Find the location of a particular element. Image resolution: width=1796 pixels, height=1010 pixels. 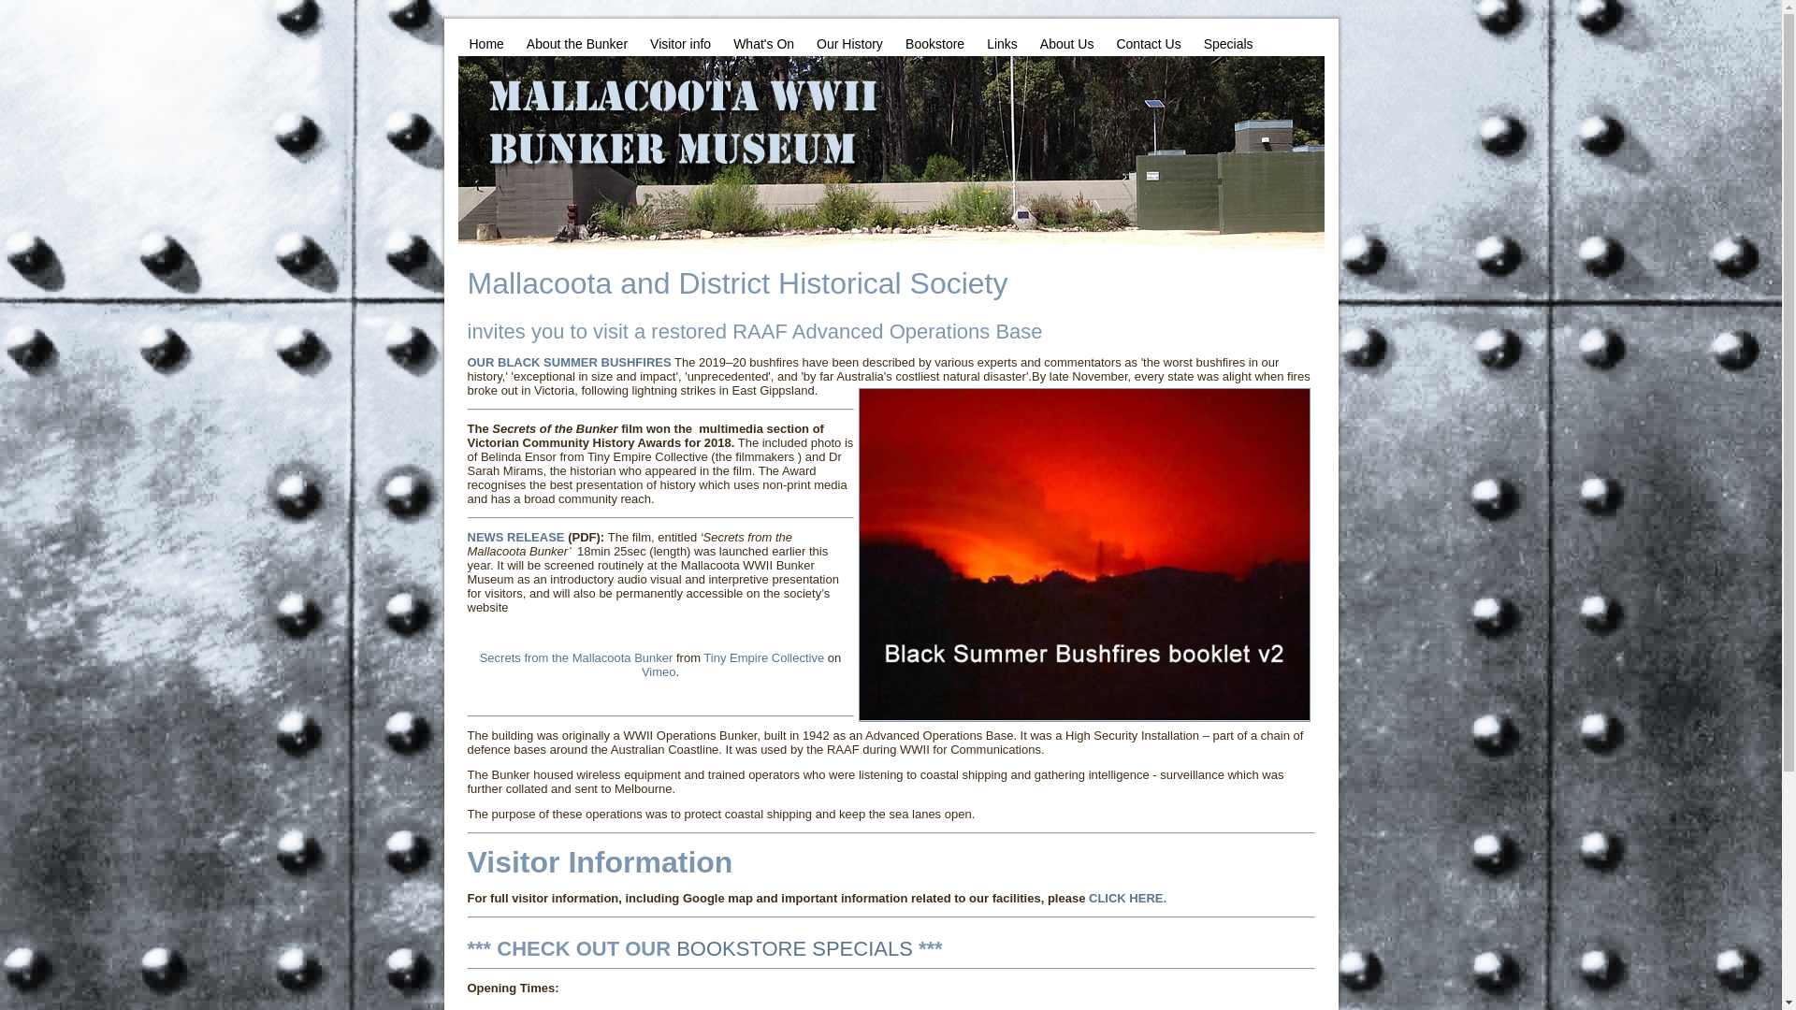

'What's On' is located at coordinates (763, 43).